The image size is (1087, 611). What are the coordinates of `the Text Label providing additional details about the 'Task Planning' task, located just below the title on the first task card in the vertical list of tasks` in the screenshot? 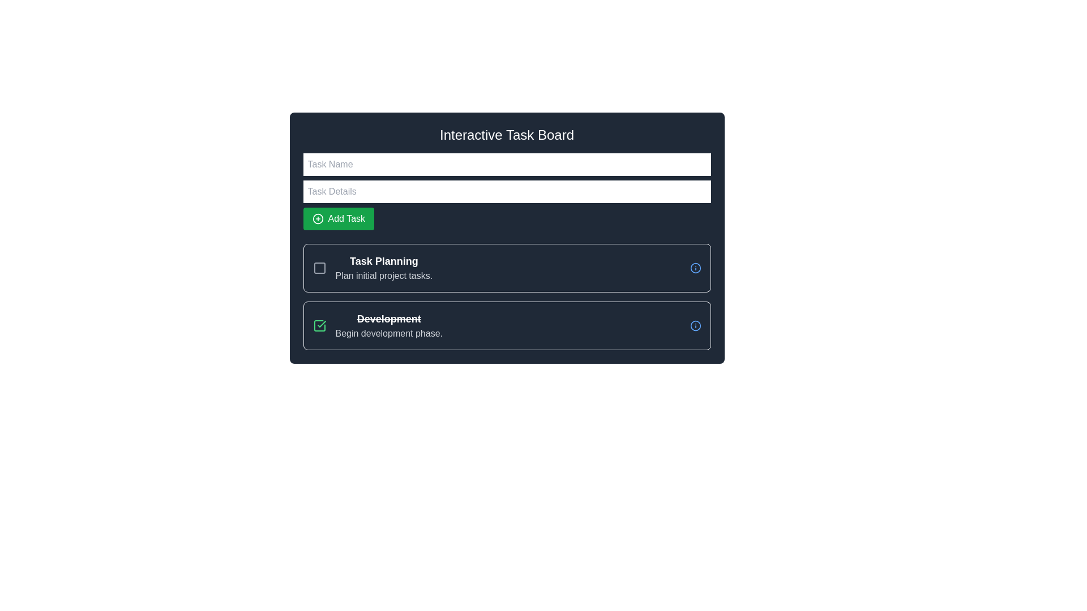 It's located at (384, 276).